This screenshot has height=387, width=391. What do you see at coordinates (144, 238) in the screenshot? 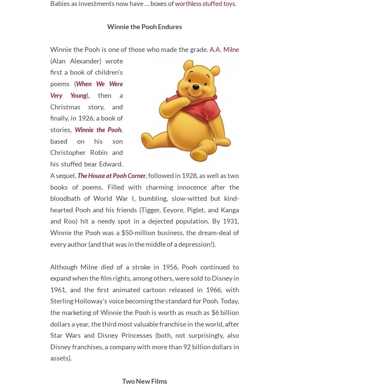
I see `'followed in 1928, as well as two books of poems. Filled with charming innocence after the bloodbath of World War I, bumbling, slow-witted but kind-hearted Pooh and his friends (Tigger, Eeyore, Piglet, and Kanga and Roo) hit a needy spot in a dejected population. By 1931, Winnie the Pooh was a $50-million business, the dream-deal of every author (and that was in the middle of a depression!).'` at bounding box center [144, 238].